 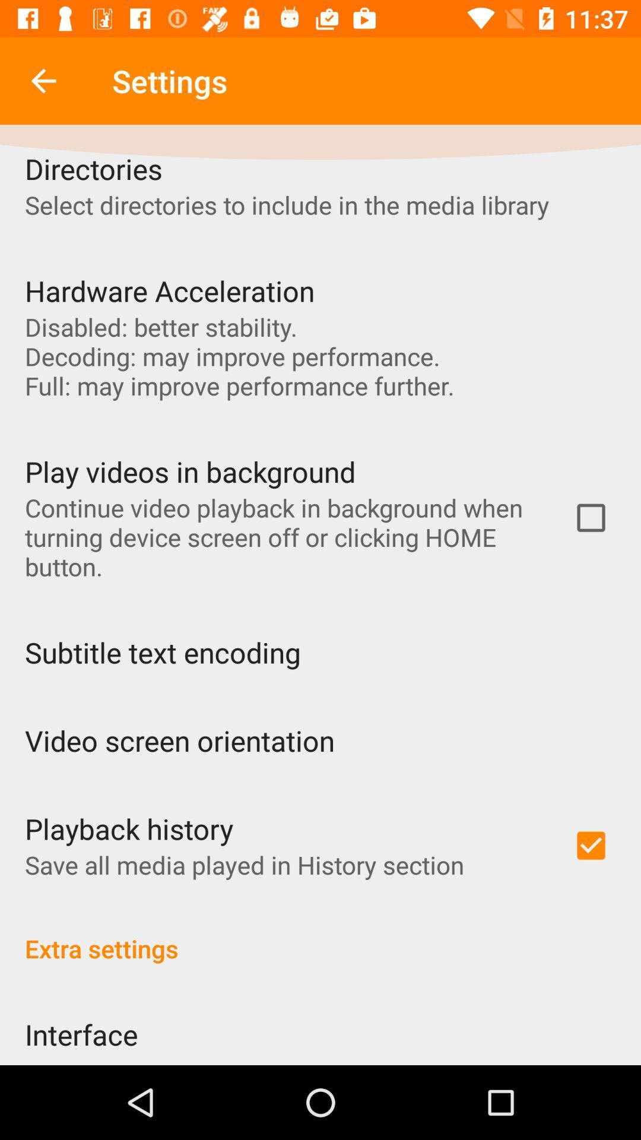 What do you see at coordinates (320, 935) in the screenshot?
I see `extra settings` at bounding box center [320, 935].